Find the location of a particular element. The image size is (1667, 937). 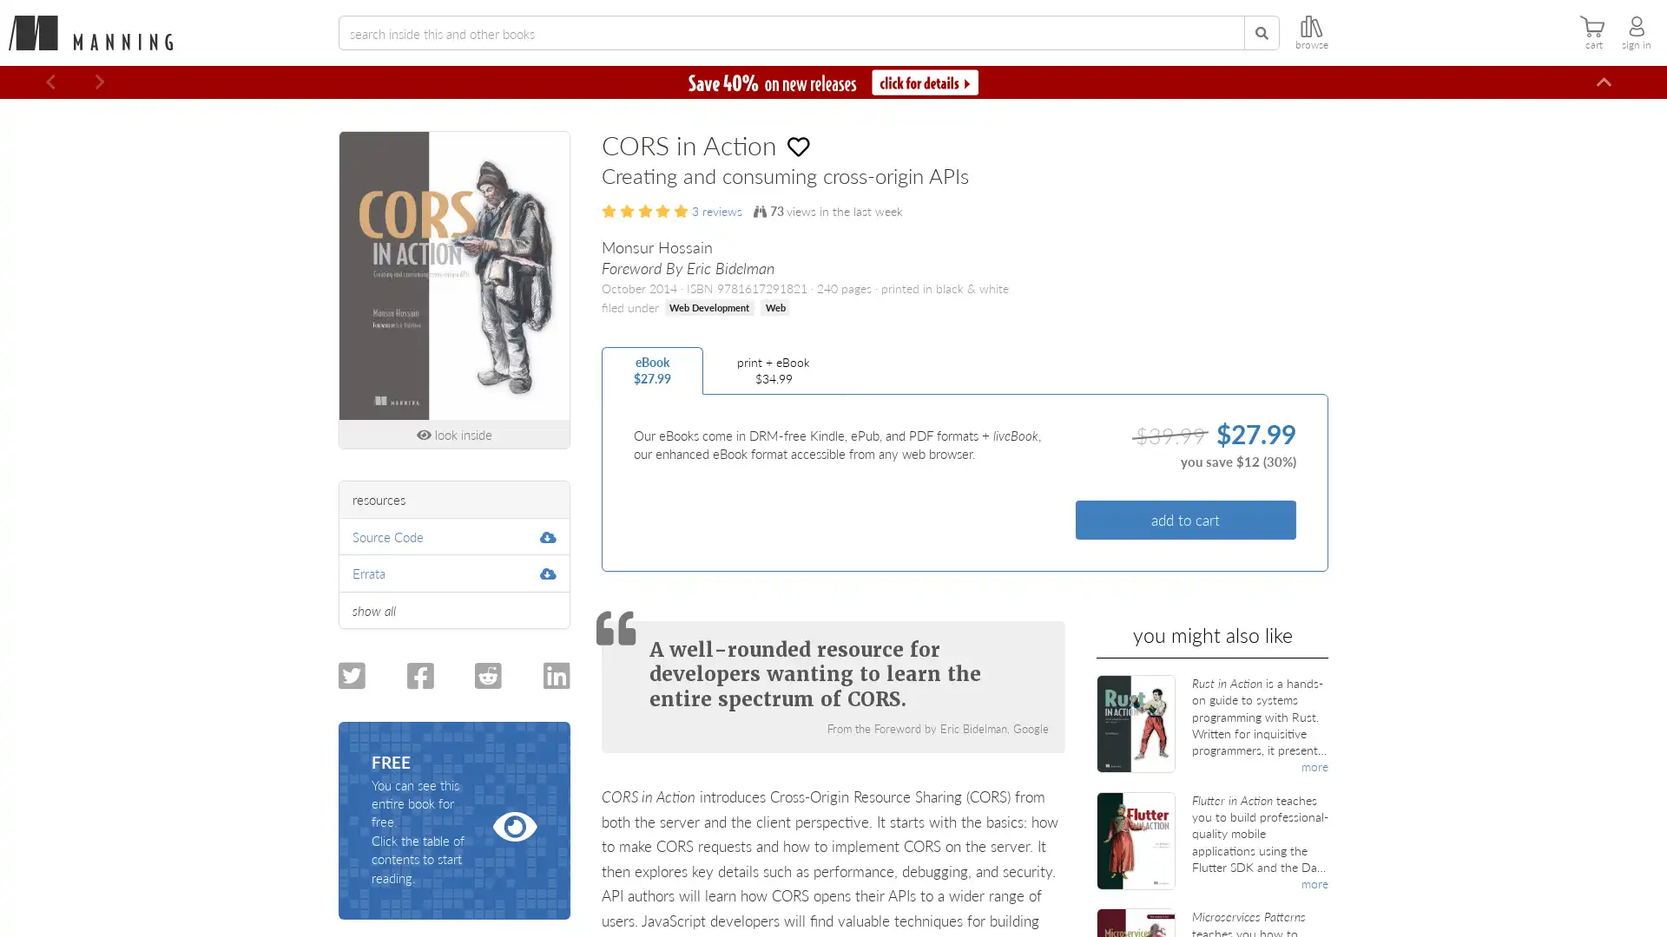

Previous is located at coordinates (50, 82).